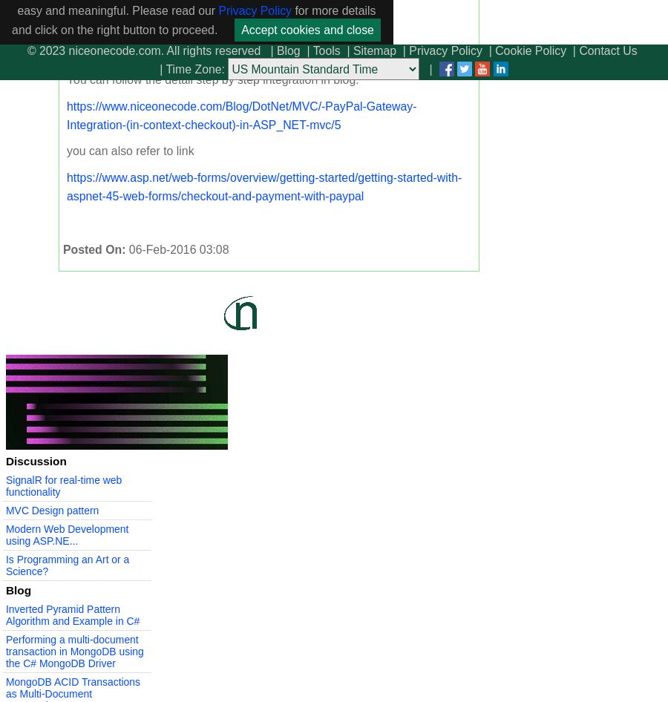  I want to click on '© 2023 niceonecode.com. All rights reserved', so click(143, 50).